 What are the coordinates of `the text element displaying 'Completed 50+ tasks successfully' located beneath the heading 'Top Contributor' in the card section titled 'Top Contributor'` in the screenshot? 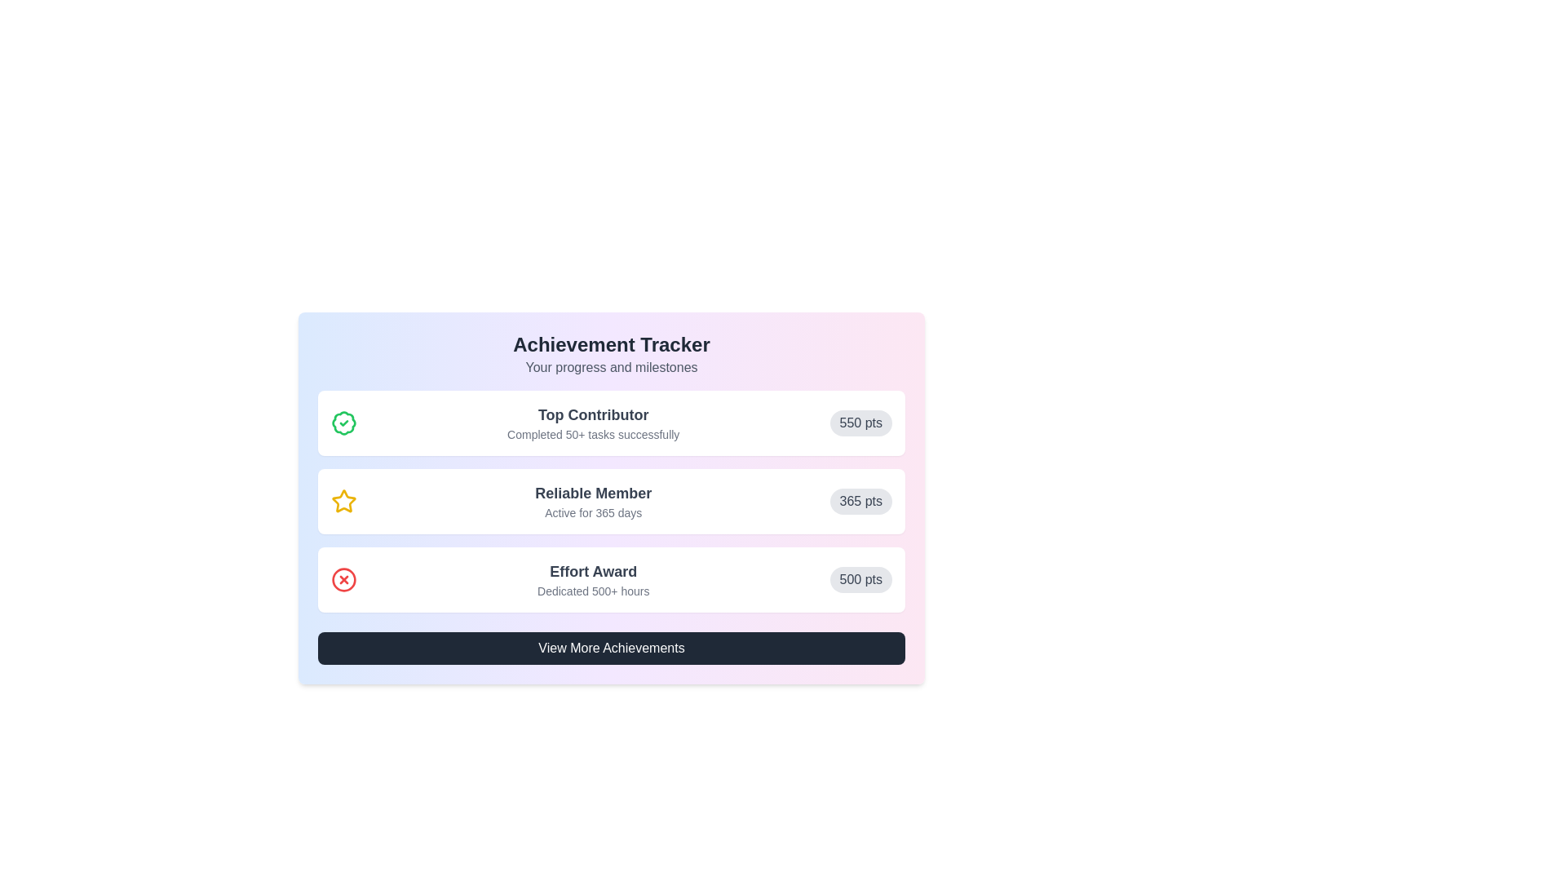 It's located at (592, 433).